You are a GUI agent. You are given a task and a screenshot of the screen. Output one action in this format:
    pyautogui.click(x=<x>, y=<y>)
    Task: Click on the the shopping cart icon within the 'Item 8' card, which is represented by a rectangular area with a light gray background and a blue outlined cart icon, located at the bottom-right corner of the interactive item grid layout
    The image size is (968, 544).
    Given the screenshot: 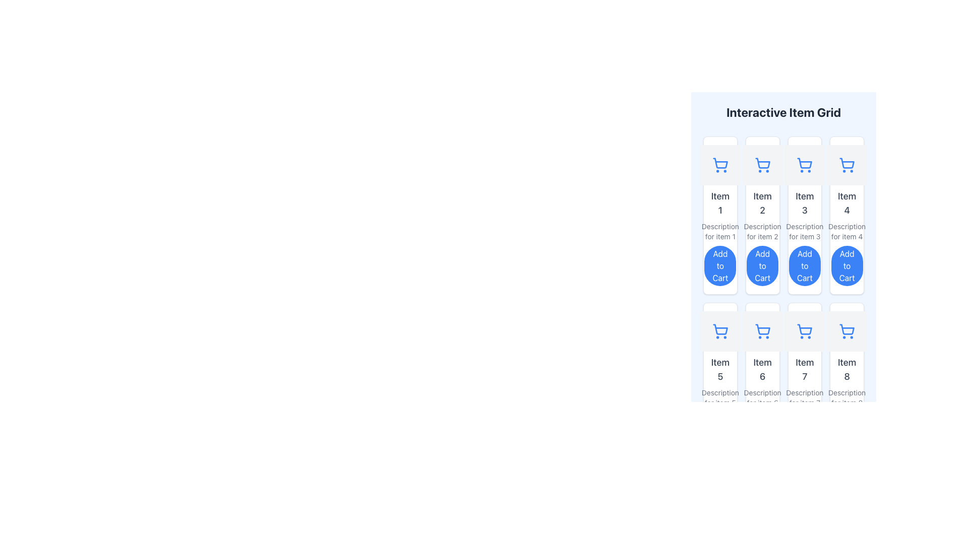 What is the action you would take?
    pyautogui.click(x=847, y=331)
    